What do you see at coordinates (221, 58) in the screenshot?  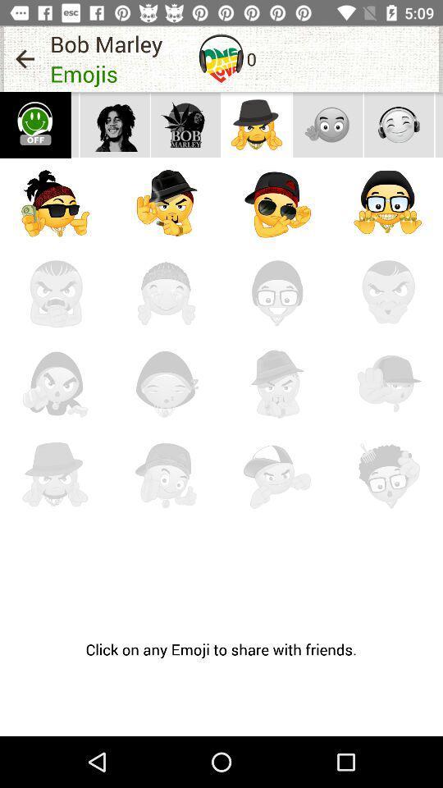 I see `item next to the bob marley item` at bounding box center [221, 58].